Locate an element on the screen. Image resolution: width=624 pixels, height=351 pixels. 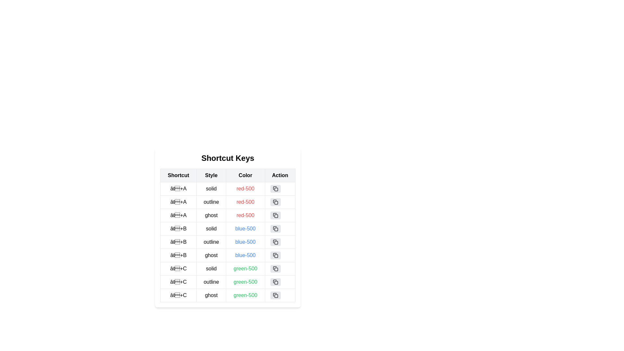
the button in the 'Action' column of the table that resembles overlapping rectangles, located at the bottom right cell corresponding to 'Shortcut = ⌘+B' is located at coordinates (280, 228).